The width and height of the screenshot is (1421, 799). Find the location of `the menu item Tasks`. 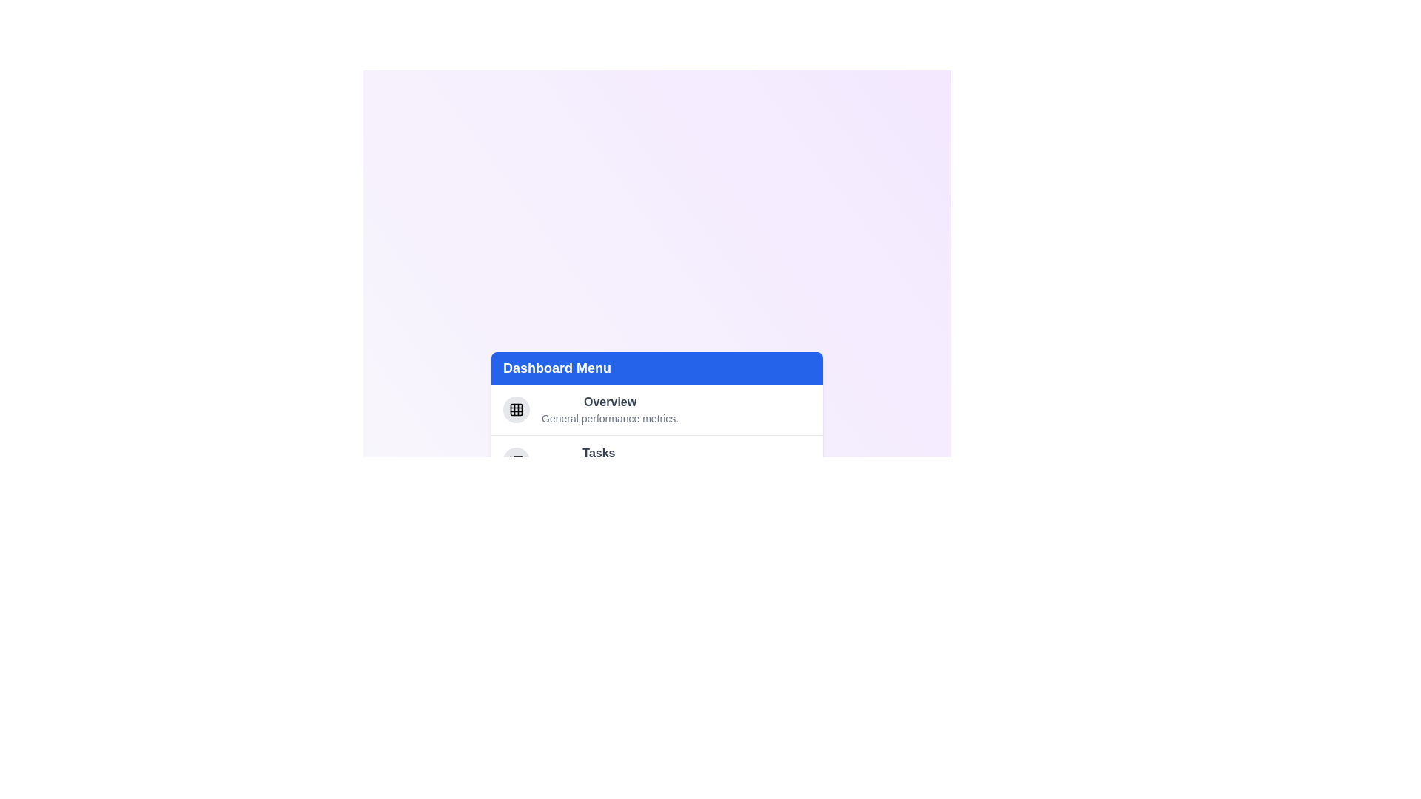

the menu item Tasks is located at coordinates (599, 452).